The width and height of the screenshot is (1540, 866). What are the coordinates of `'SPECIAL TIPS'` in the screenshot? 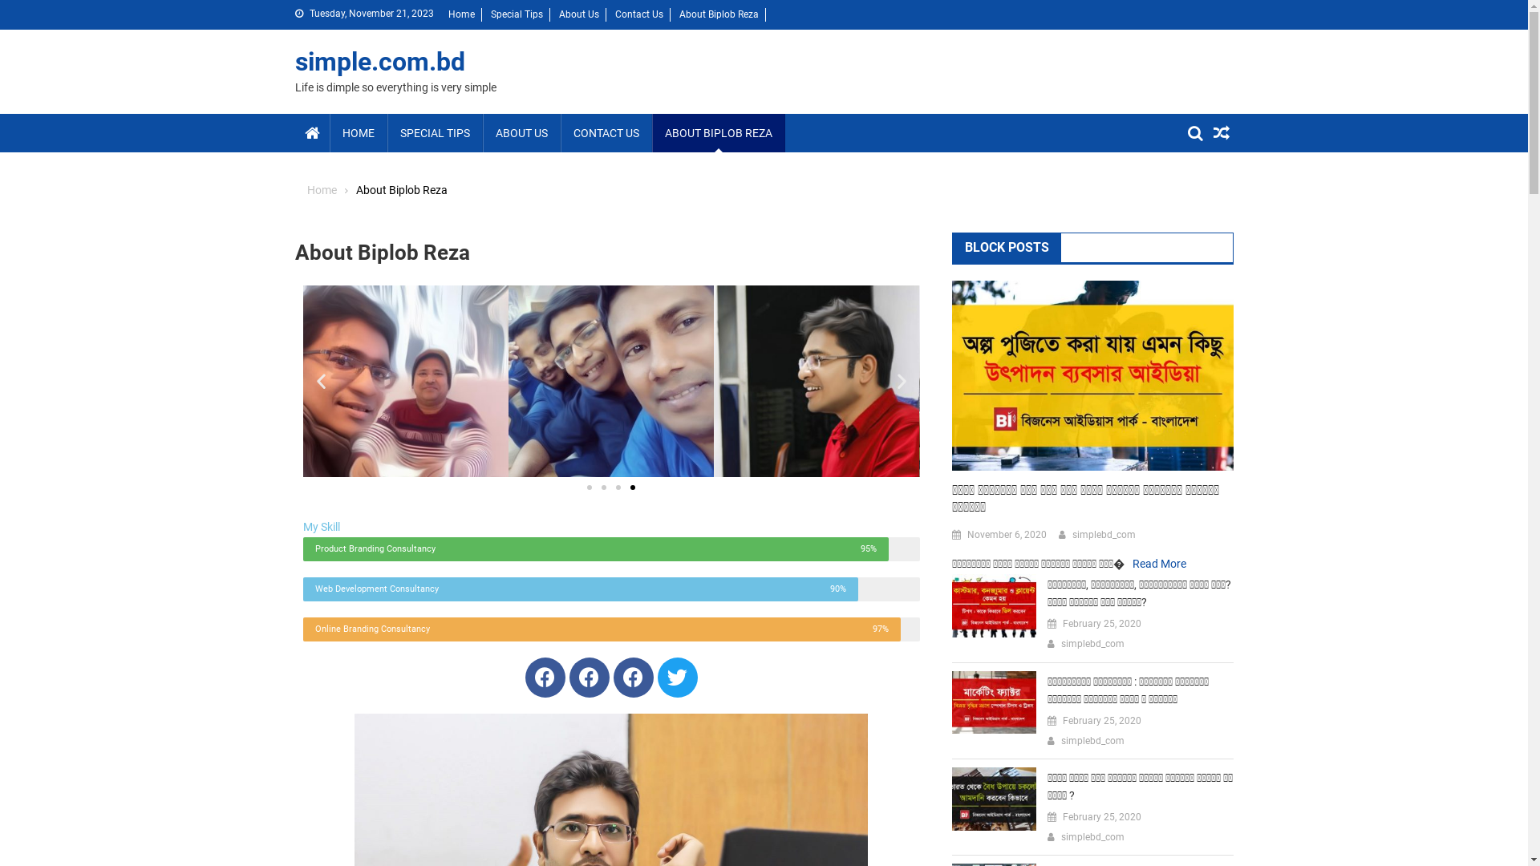 It's located at (434, 132).